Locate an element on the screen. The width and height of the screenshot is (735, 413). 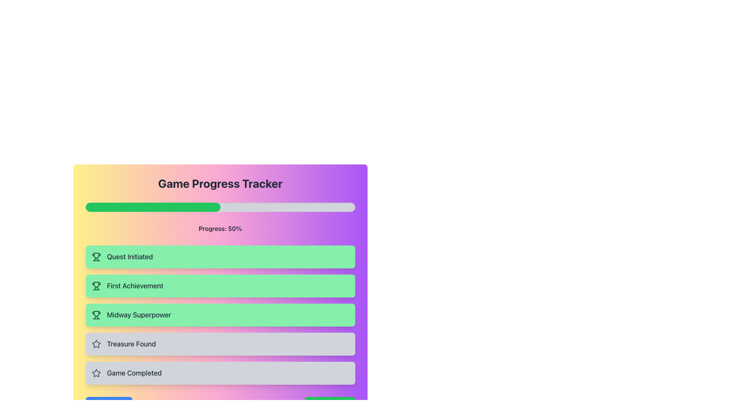
the text label 'Advance' within the green button for accessibility purposes is located at coordinates (336, 404).